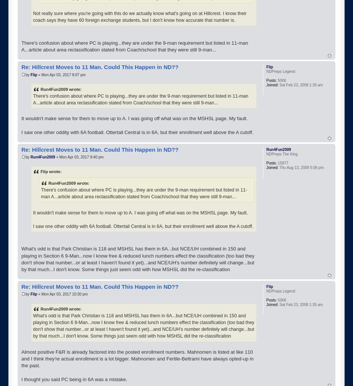 Image resolution: width=353 pixels, height=386 pixels. What do you see at coordinates (74, 378) in the screenshot?
I see `'I thought you said PC being in 6A was a mistake.'` at bounding box center [74, 378].